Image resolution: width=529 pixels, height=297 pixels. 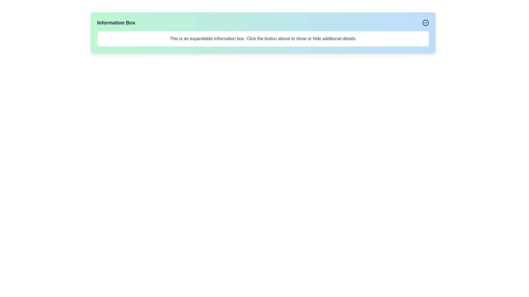 What do you see at coordinates (425, 23) in the screenshot?
I see `the circular minus icon located at the far right of the 'Information Box'` at bounding box center [425, 23].